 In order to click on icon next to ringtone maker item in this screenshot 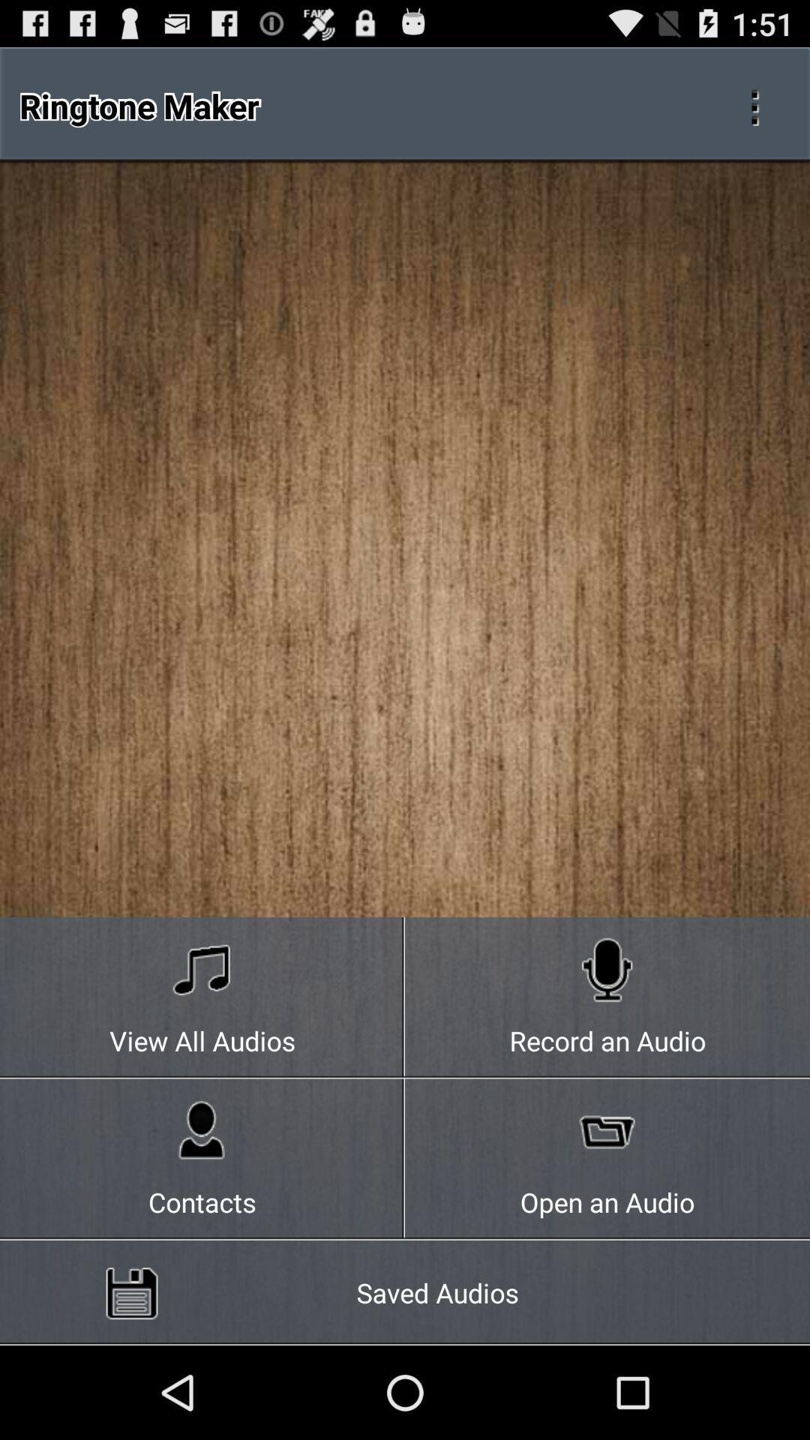, I will do `click(754, 105)`.